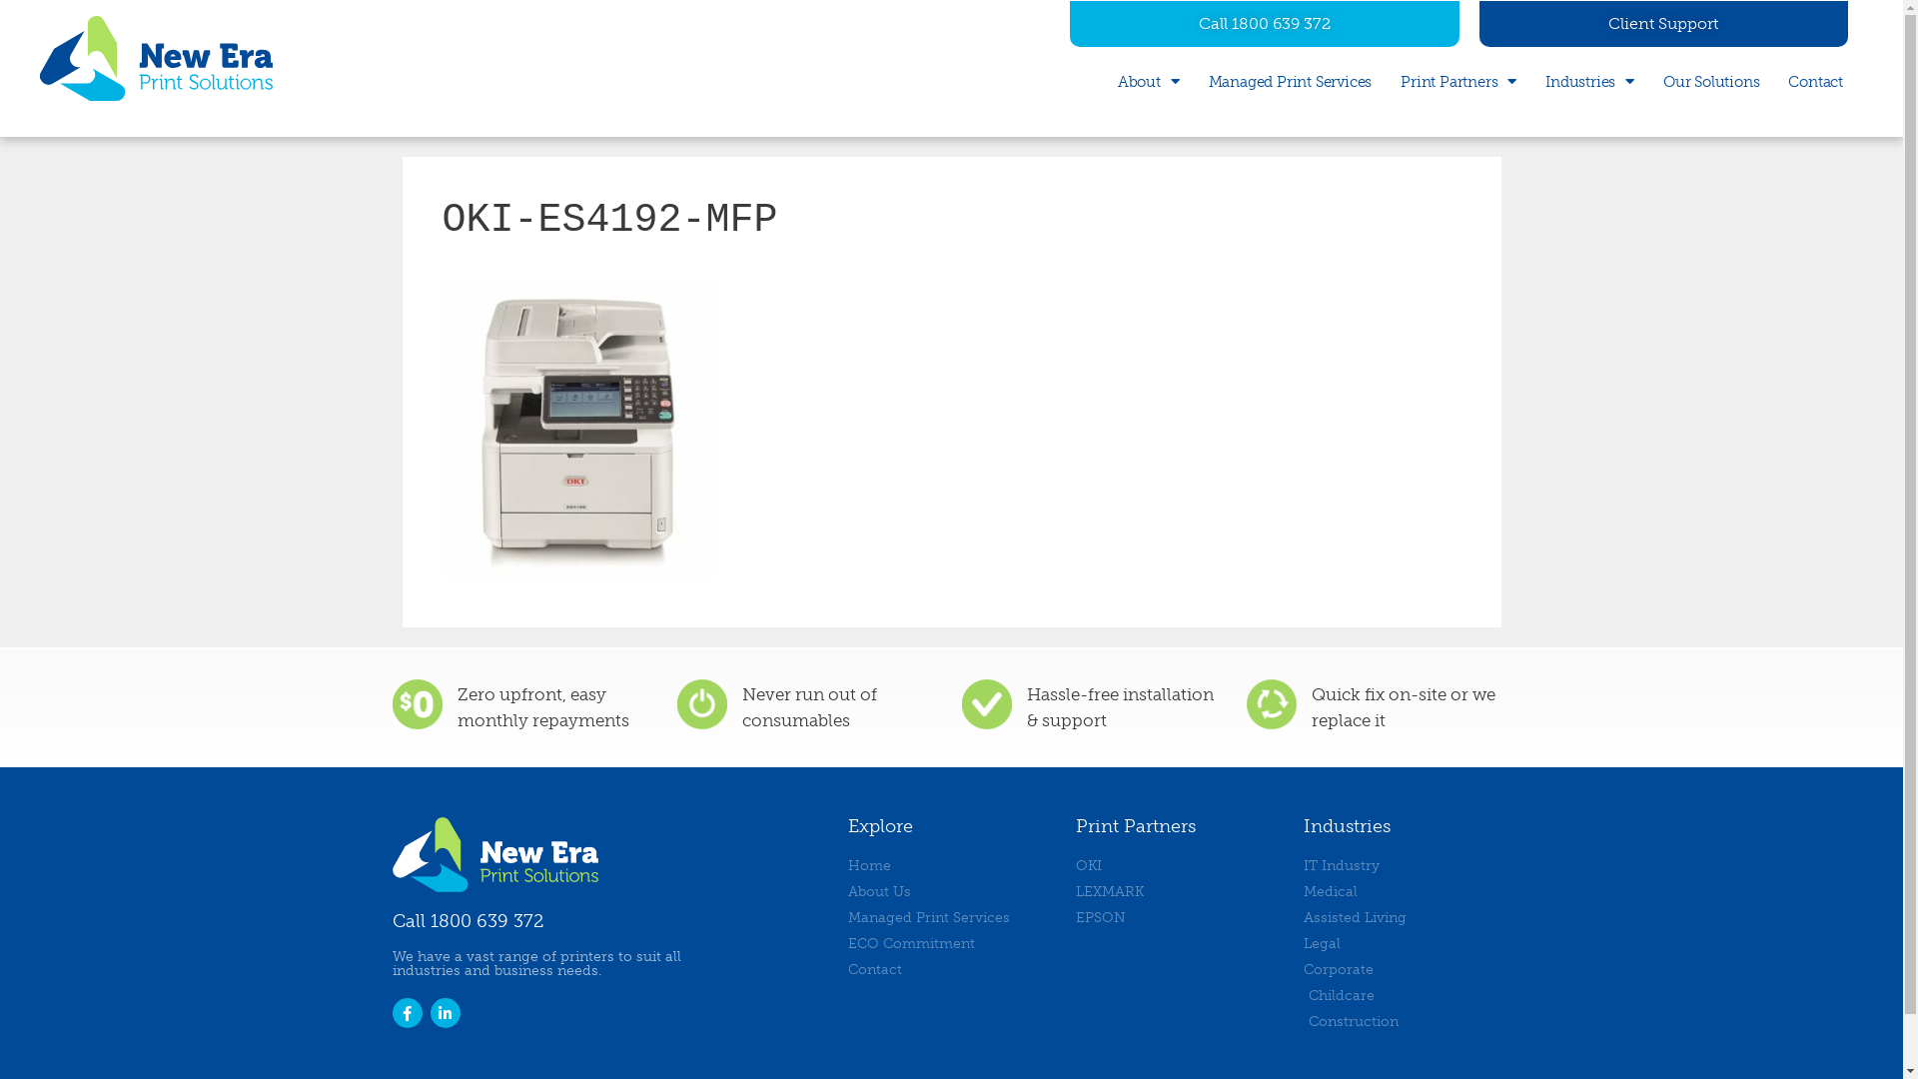 The height and width of the screenshot is (1079, 1918). Describe the element at coordinates (1303, 968) in the screenshot. I see `'Corporate'` at that location.